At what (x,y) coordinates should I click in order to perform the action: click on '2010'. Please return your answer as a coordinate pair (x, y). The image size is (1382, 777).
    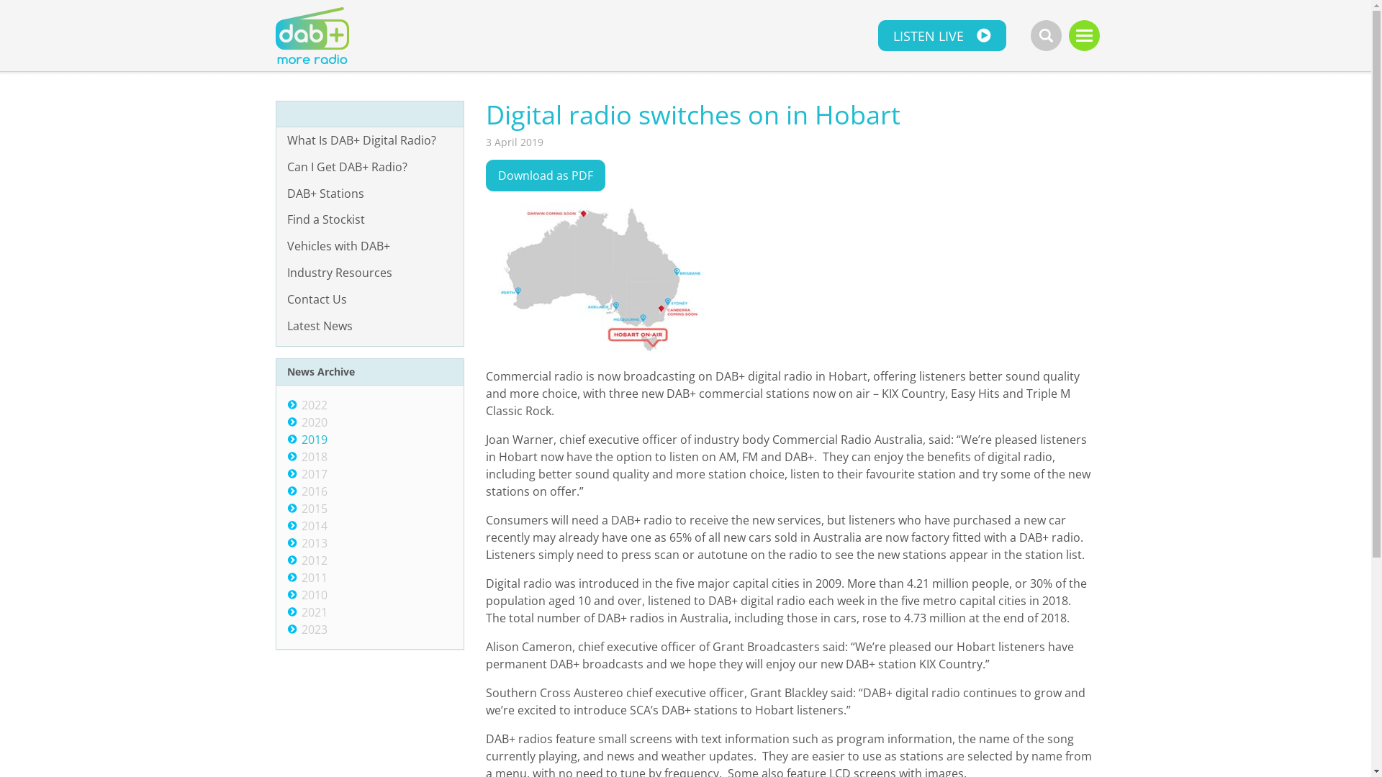
    Looking at the image, I should click on (313, 594).